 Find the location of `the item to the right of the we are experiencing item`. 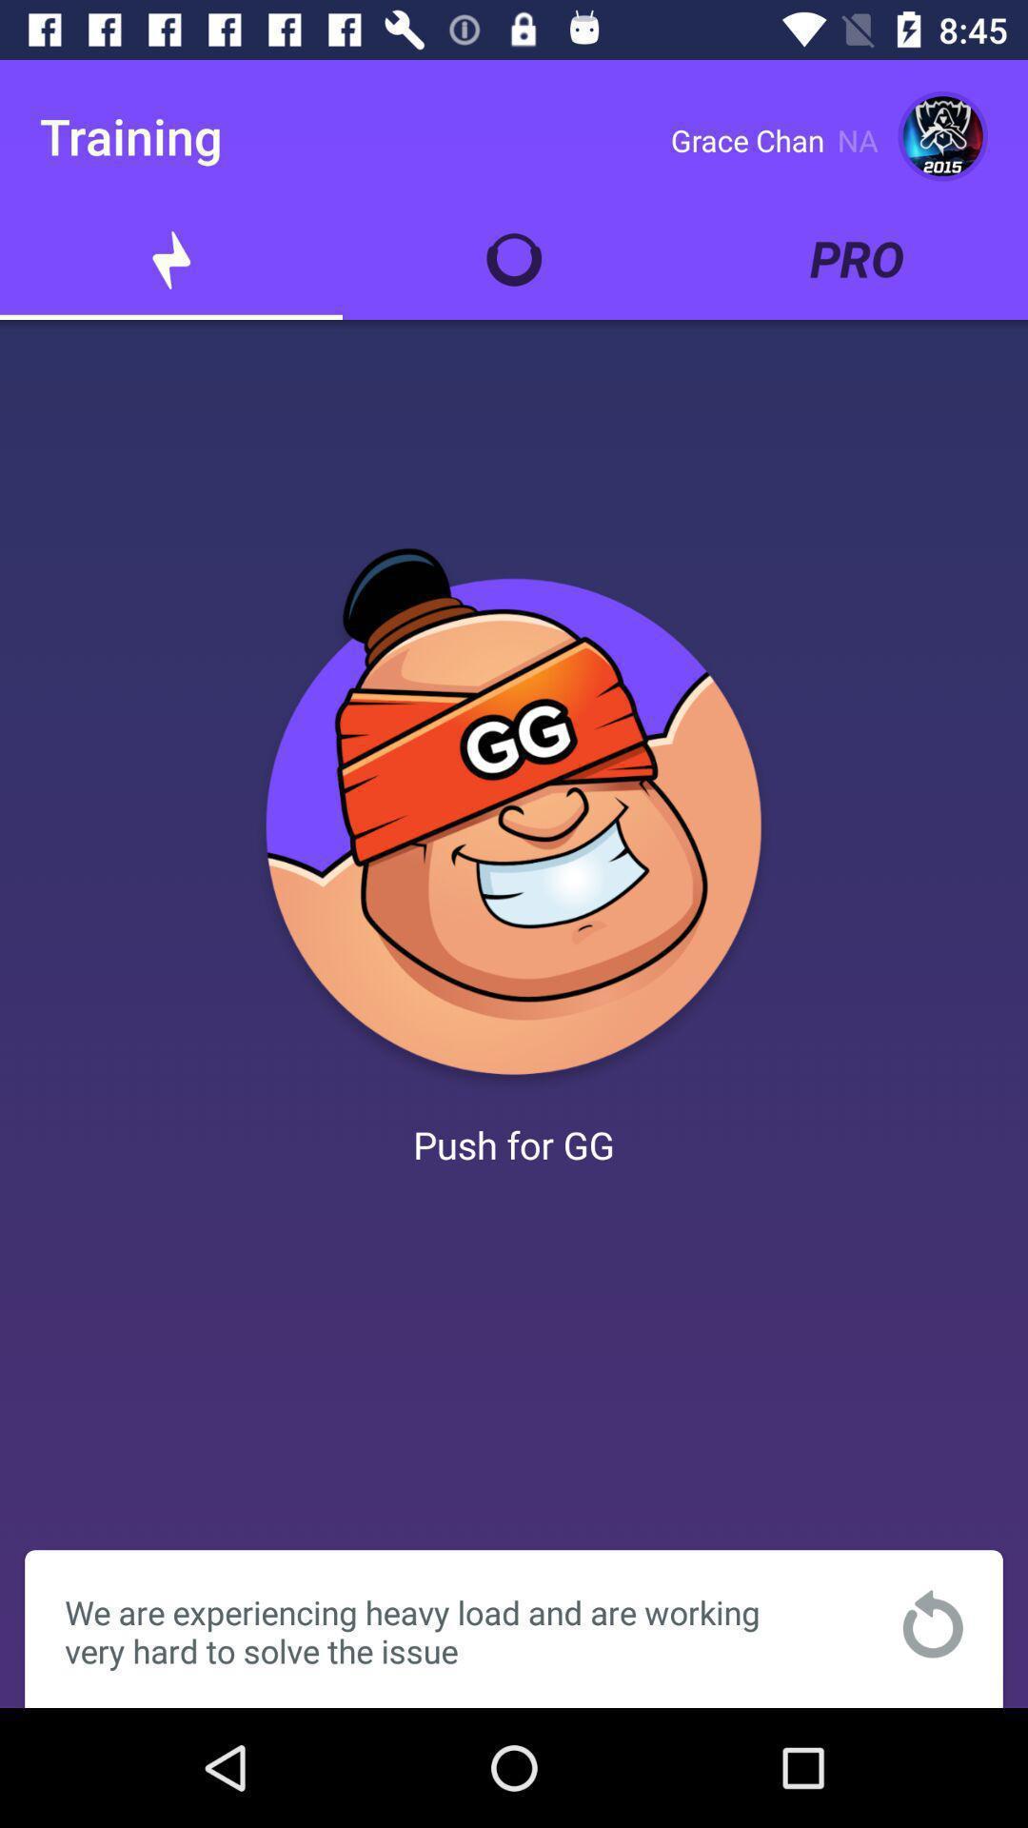

the item to the right of the we are experiencing item is located at coordinates (932, 1622).